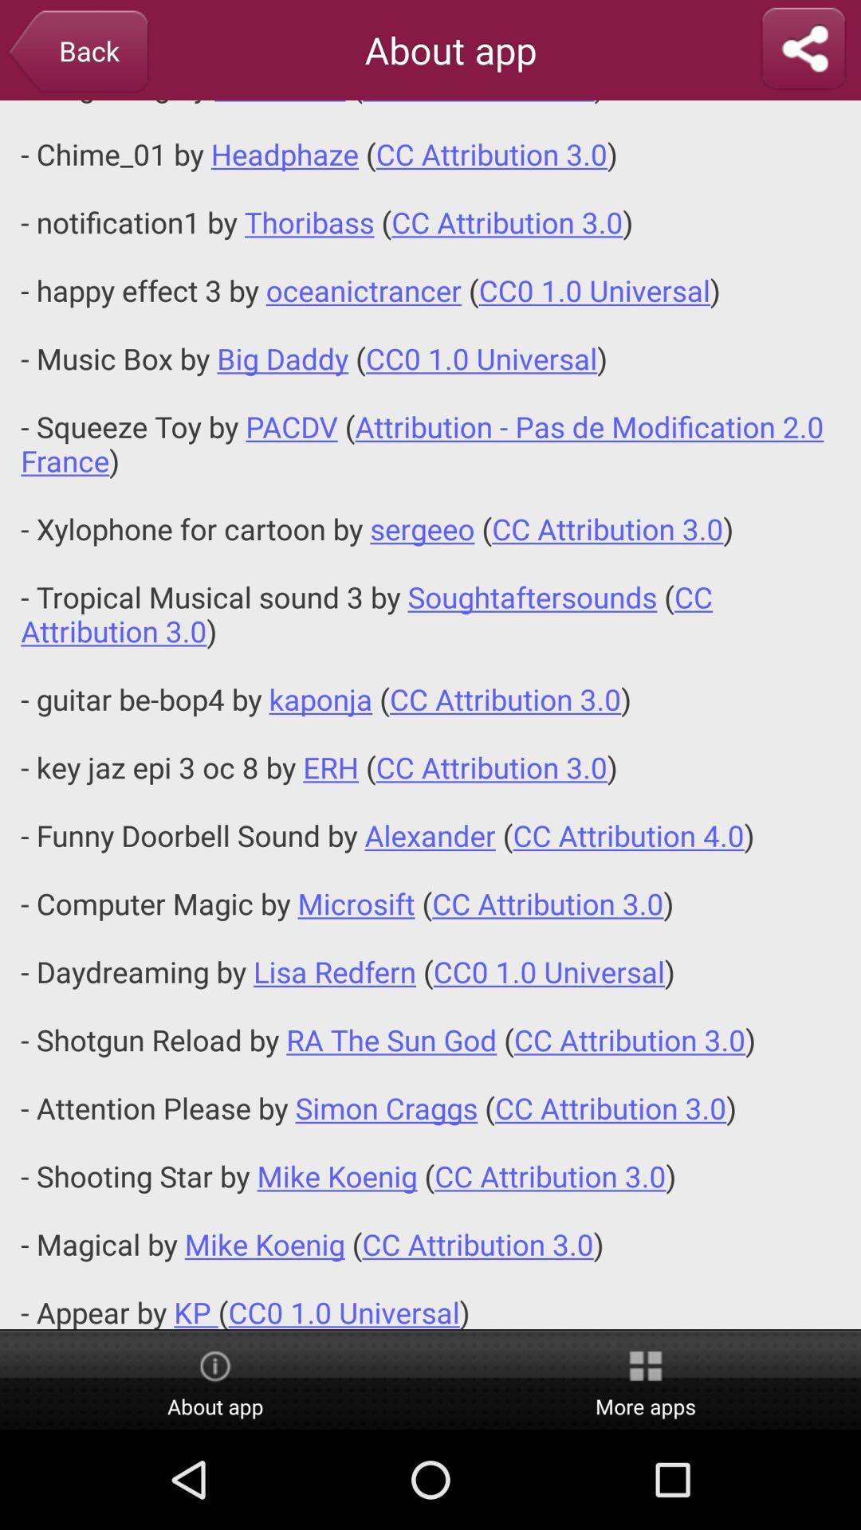 The image size is (861, 1530). What do you see at coordinates (77, 53) in the screenshot?
I see `back button` at bounding box center [77, 53].